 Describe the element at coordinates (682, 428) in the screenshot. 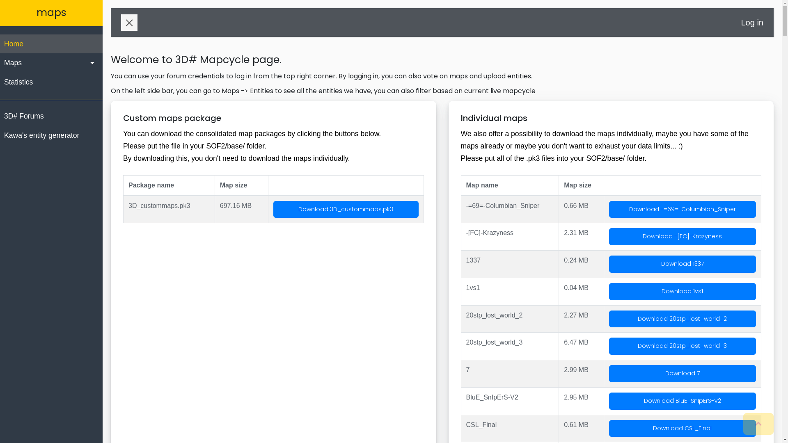

I see `'Download CSL_Final'` at that location.